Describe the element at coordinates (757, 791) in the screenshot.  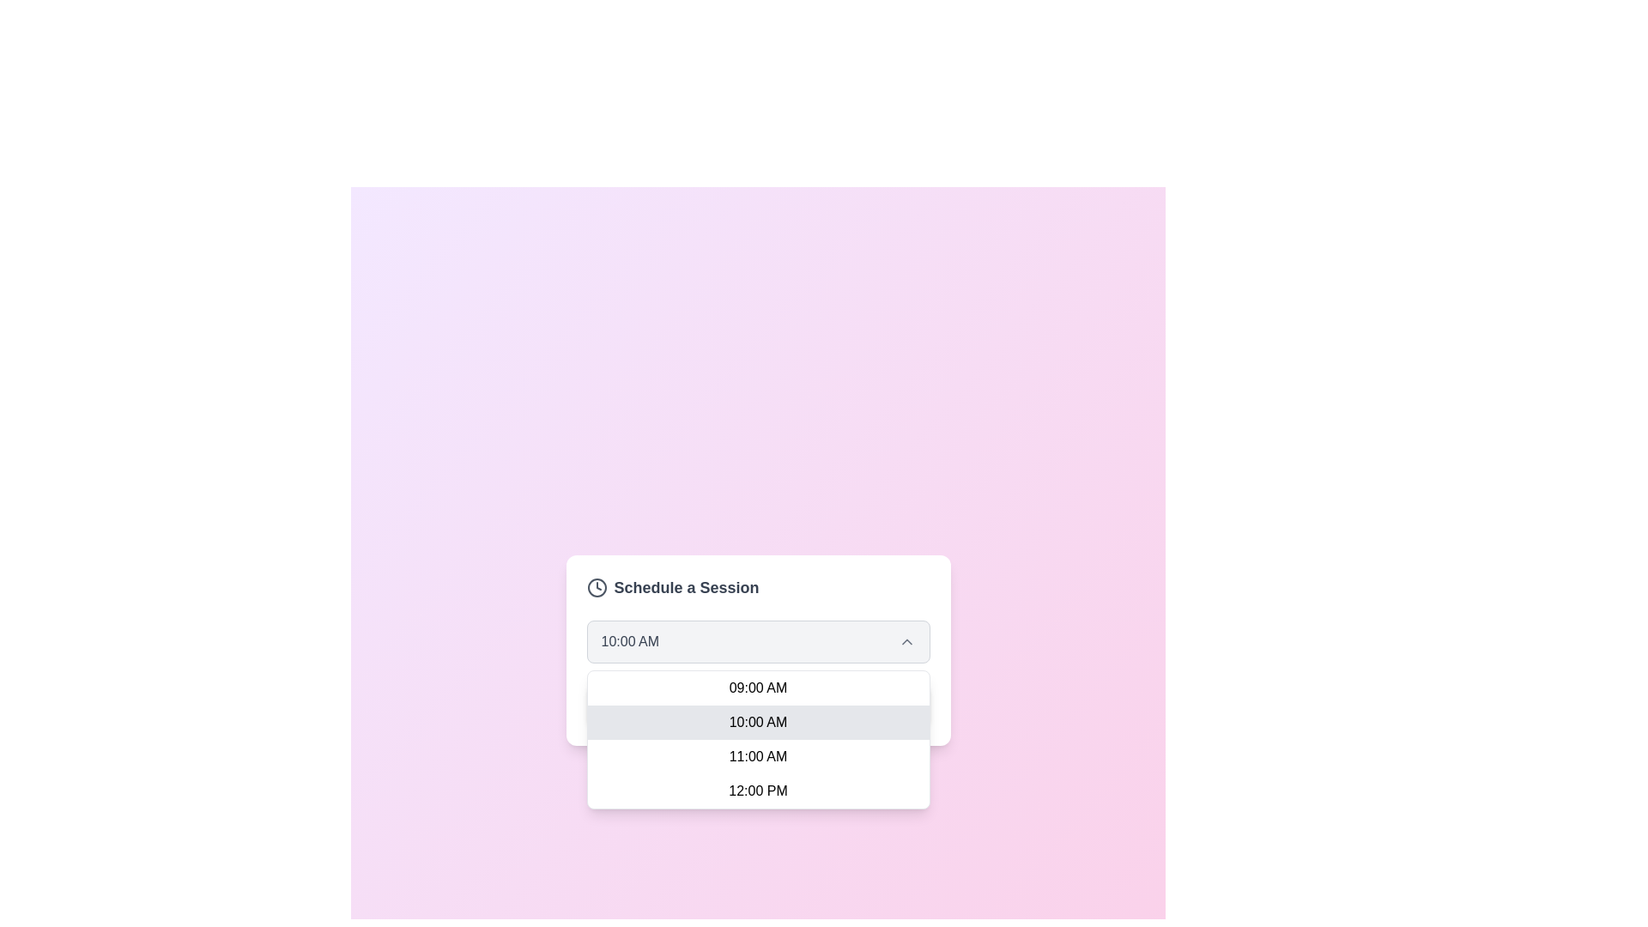
I see `the list item displaying '12:00 PM' in the dropdown menu under the 'Schedule a Session' form` at that location.